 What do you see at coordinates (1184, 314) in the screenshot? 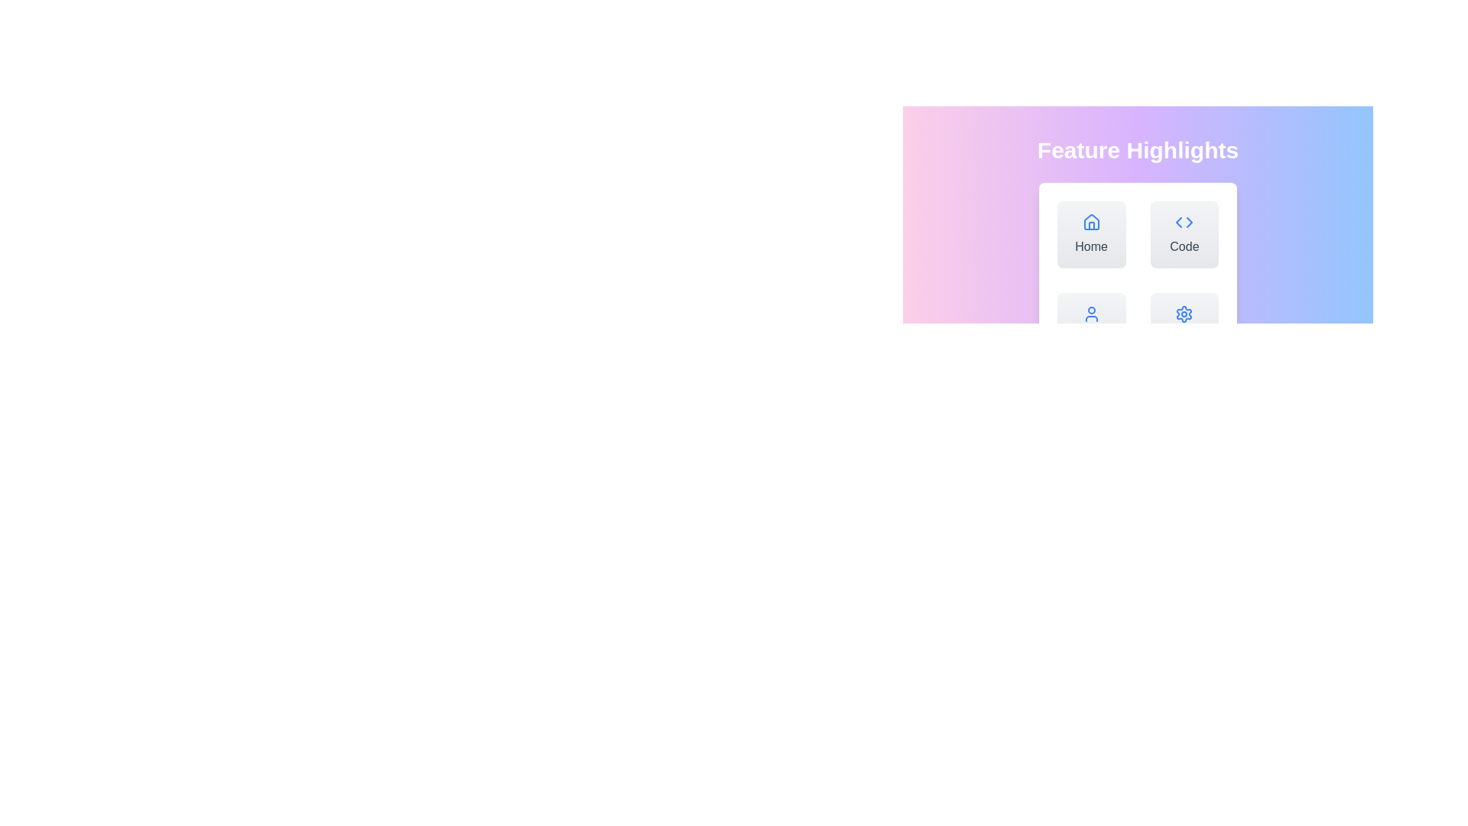
I see `the blue gear icon representing settings, which is located at the bottom-right of a grid under 'Feature Highlights'` at bounding box center [1184, 314].